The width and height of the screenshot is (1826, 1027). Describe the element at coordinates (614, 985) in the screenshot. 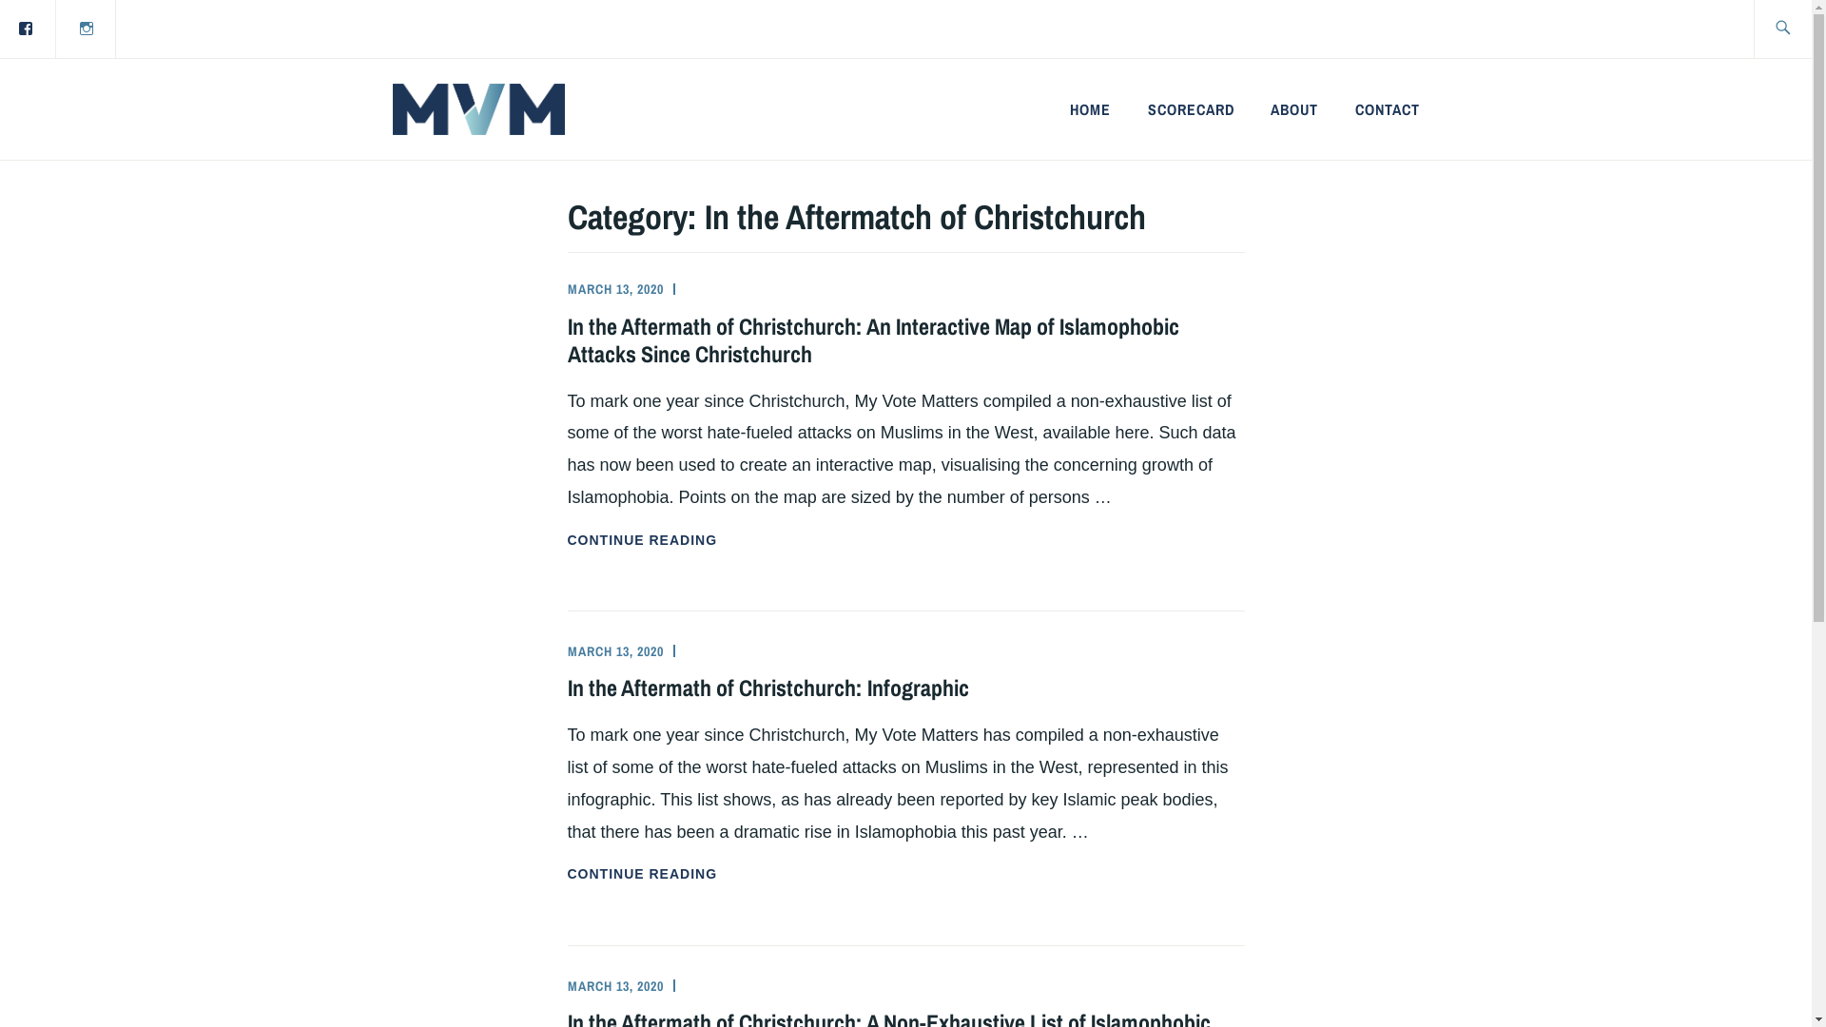

I see `'MARCH 13, 2020'` at that location.